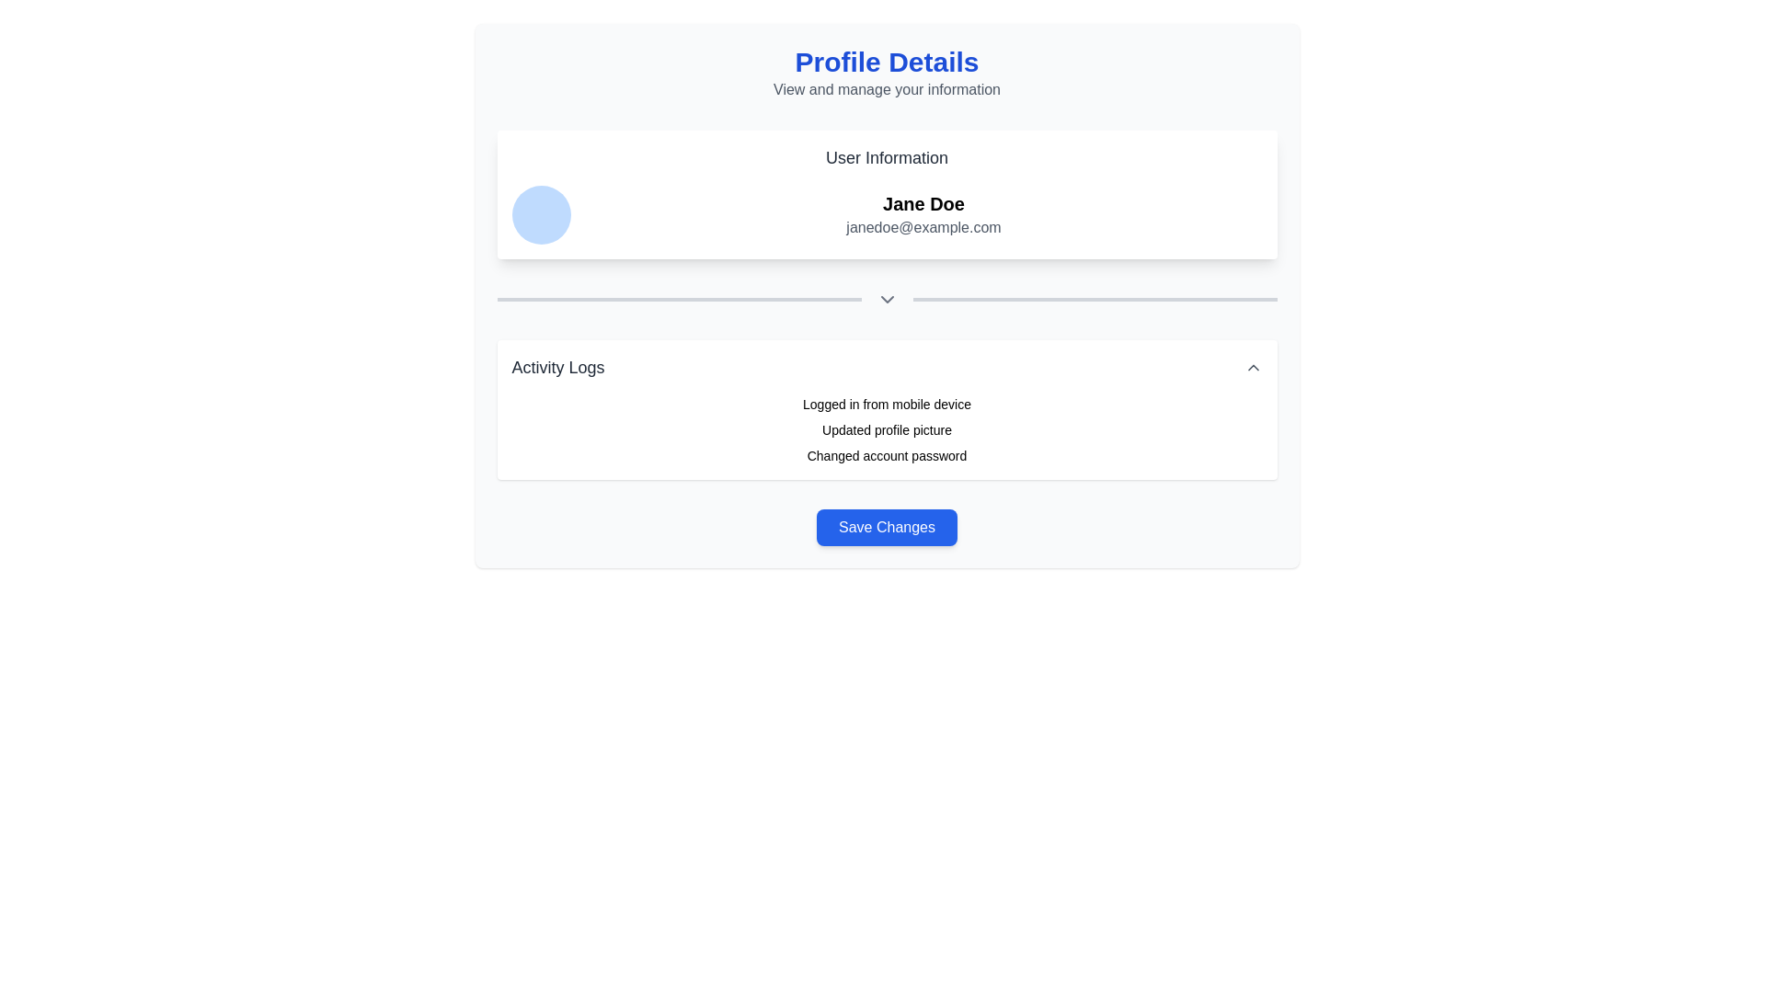 The width and height of the screenshot is (1766, 993). Describe the element at coordinates (887, 89) in the screenshot. I see `the Text label that provides a description for the 'Profile Details' section, located directly below the title 'Profile Details'` at that location.